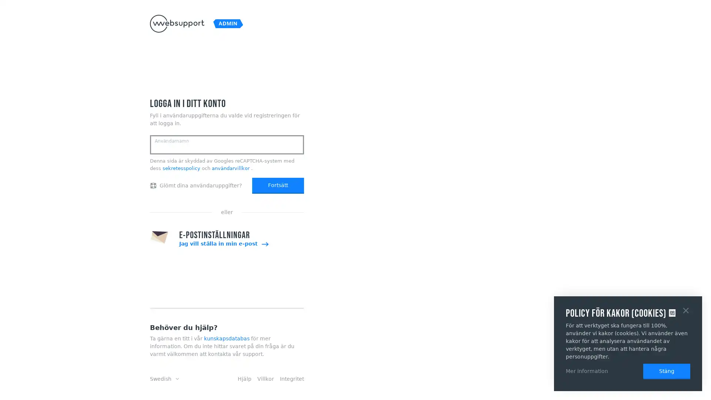  I want to click on Fortsatt, so click(277, 185).